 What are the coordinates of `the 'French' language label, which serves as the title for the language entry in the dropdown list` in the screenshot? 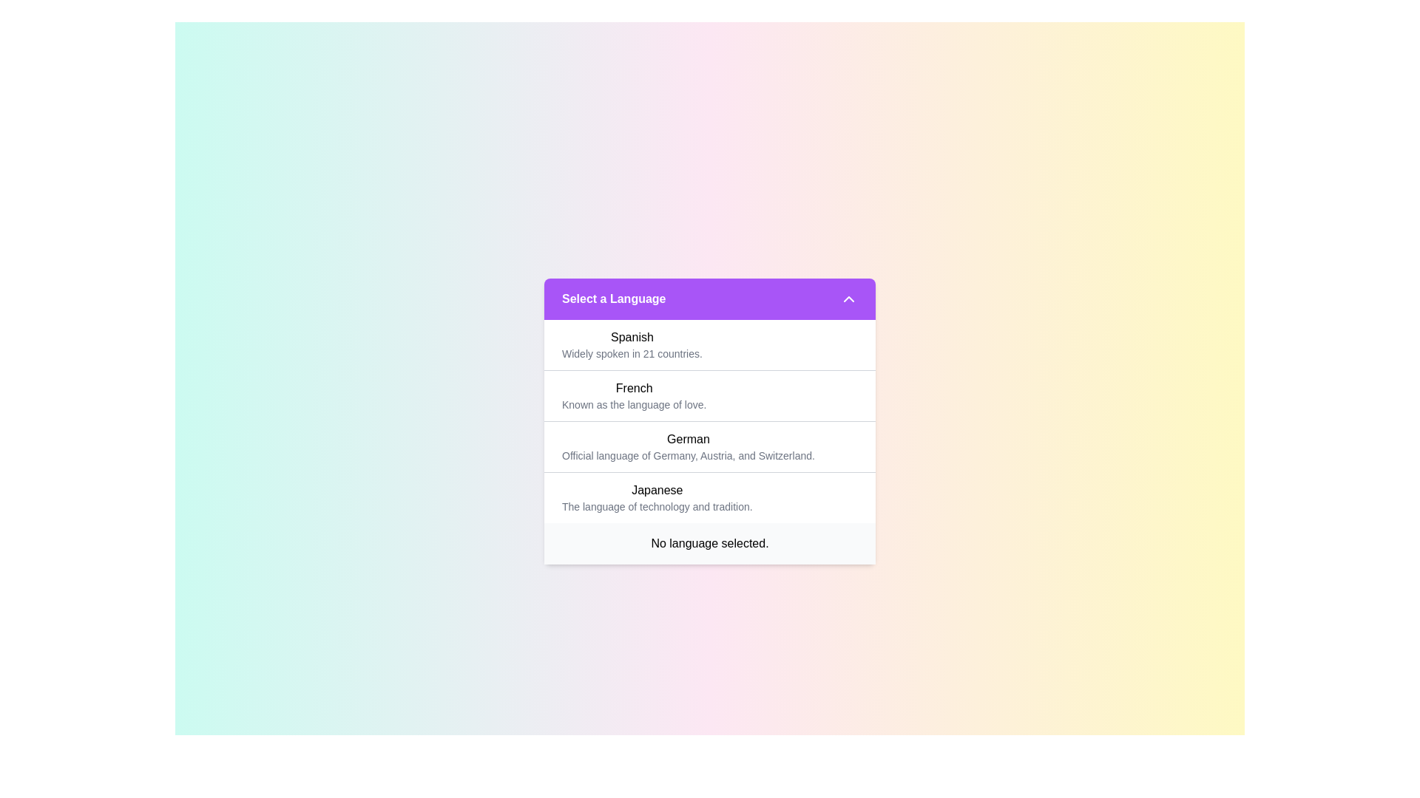 It's located at (634, 387).